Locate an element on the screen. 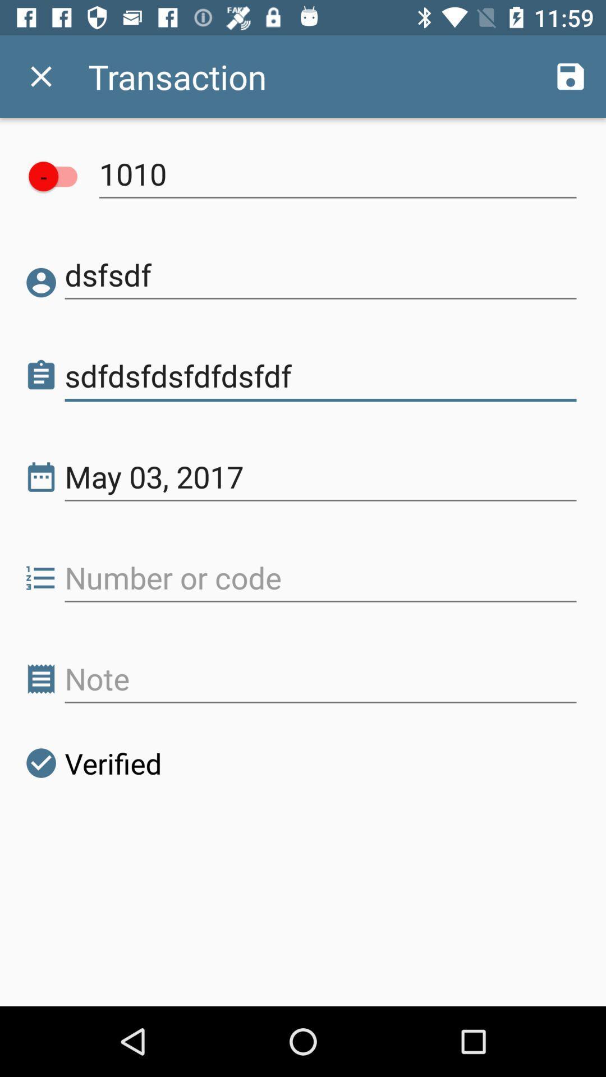 The image size is (606, 1077). the item at the top right corner is located at coordinates (571, 76).